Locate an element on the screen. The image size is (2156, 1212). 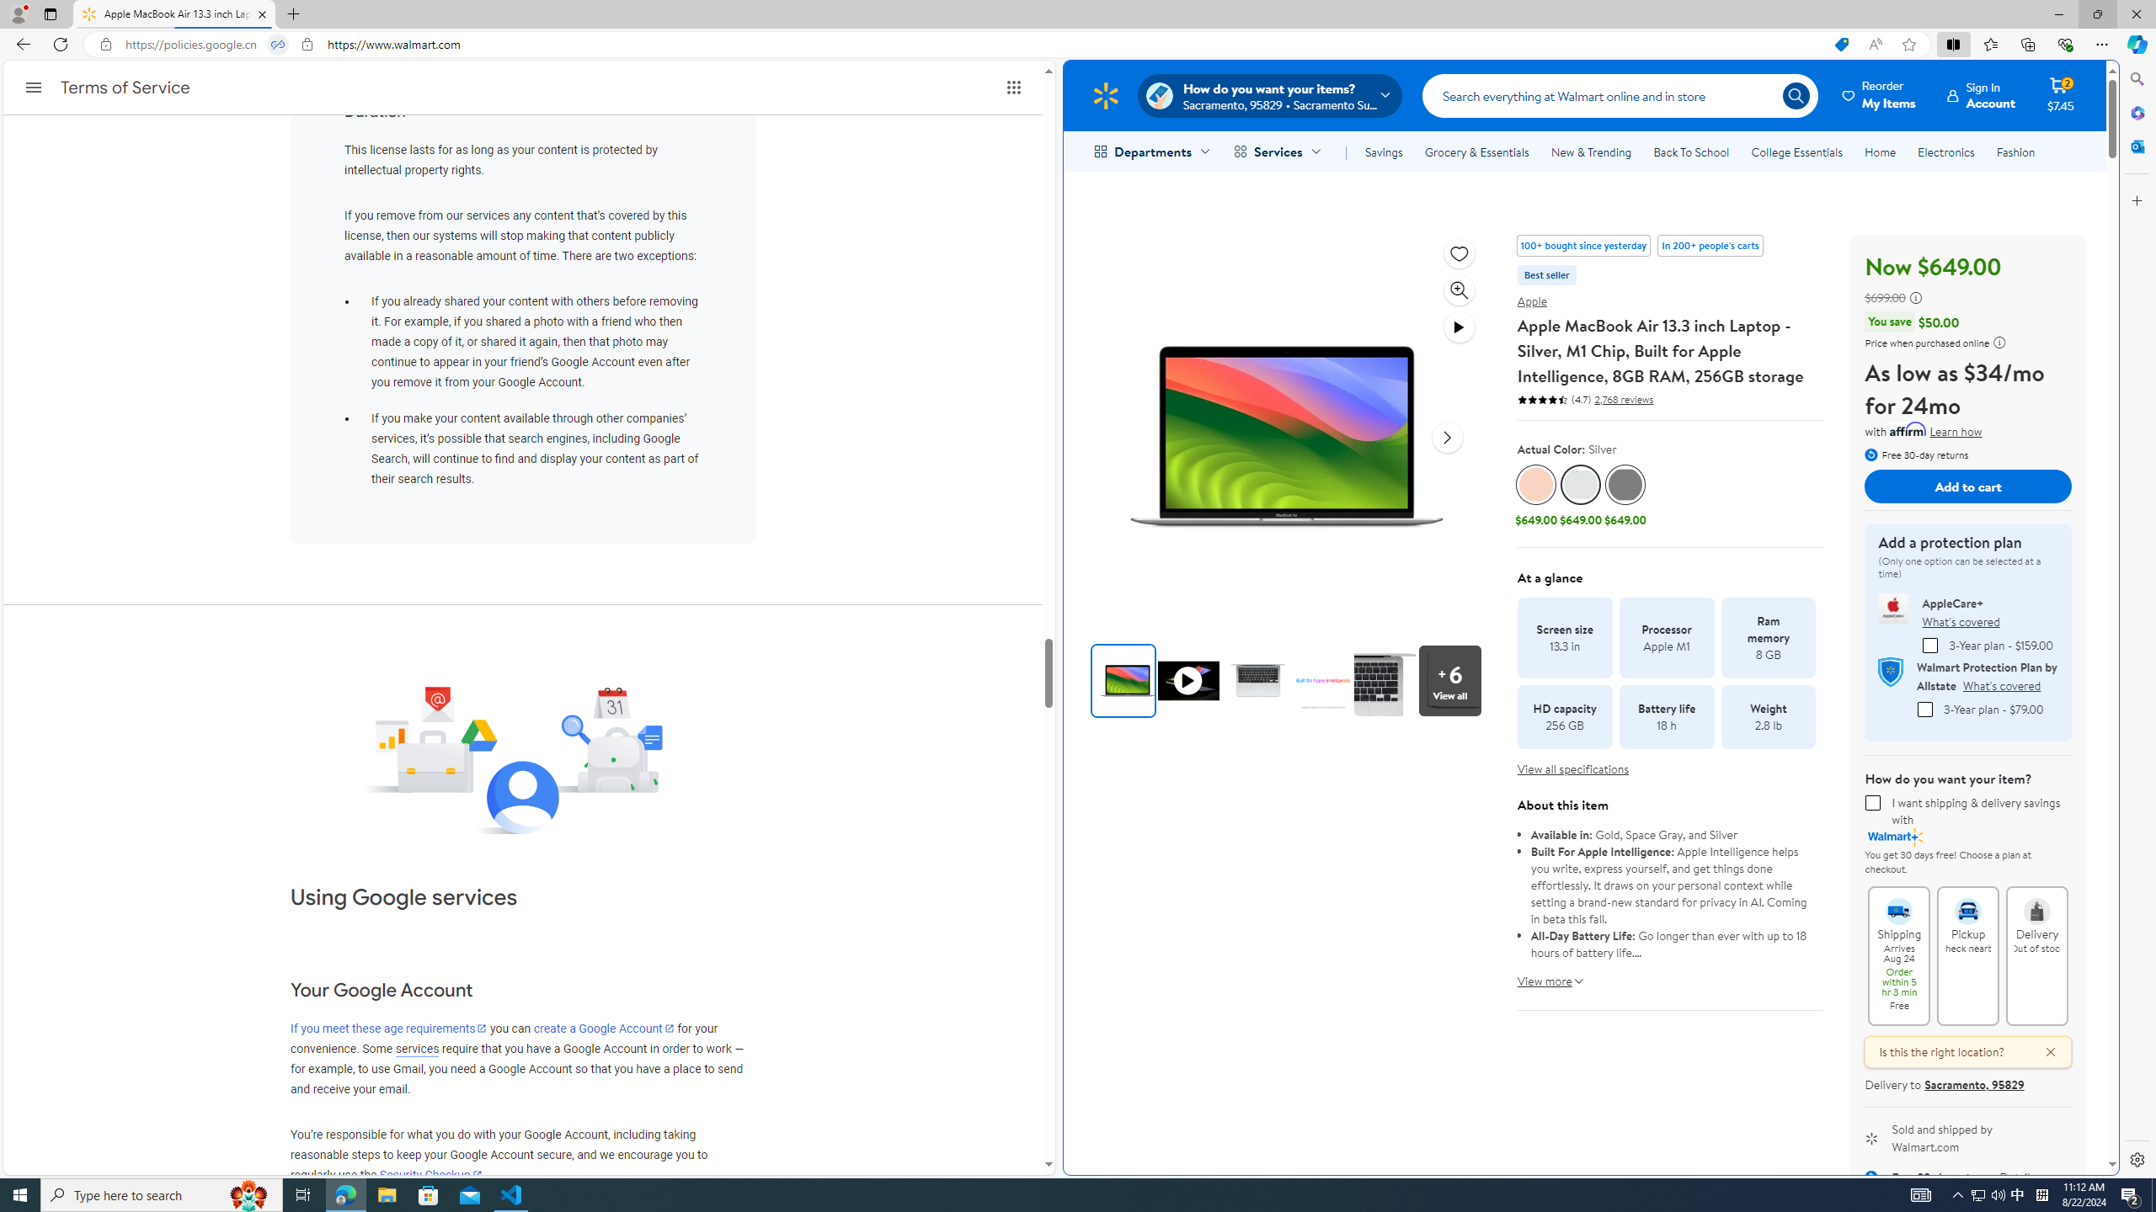
'Sign In Account' is located at coordinates (1981, 94).